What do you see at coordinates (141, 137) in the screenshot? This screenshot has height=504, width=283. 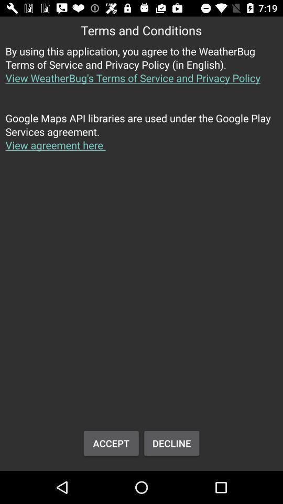 I see `item below the by using this icon` at bounding box center [141, 137].